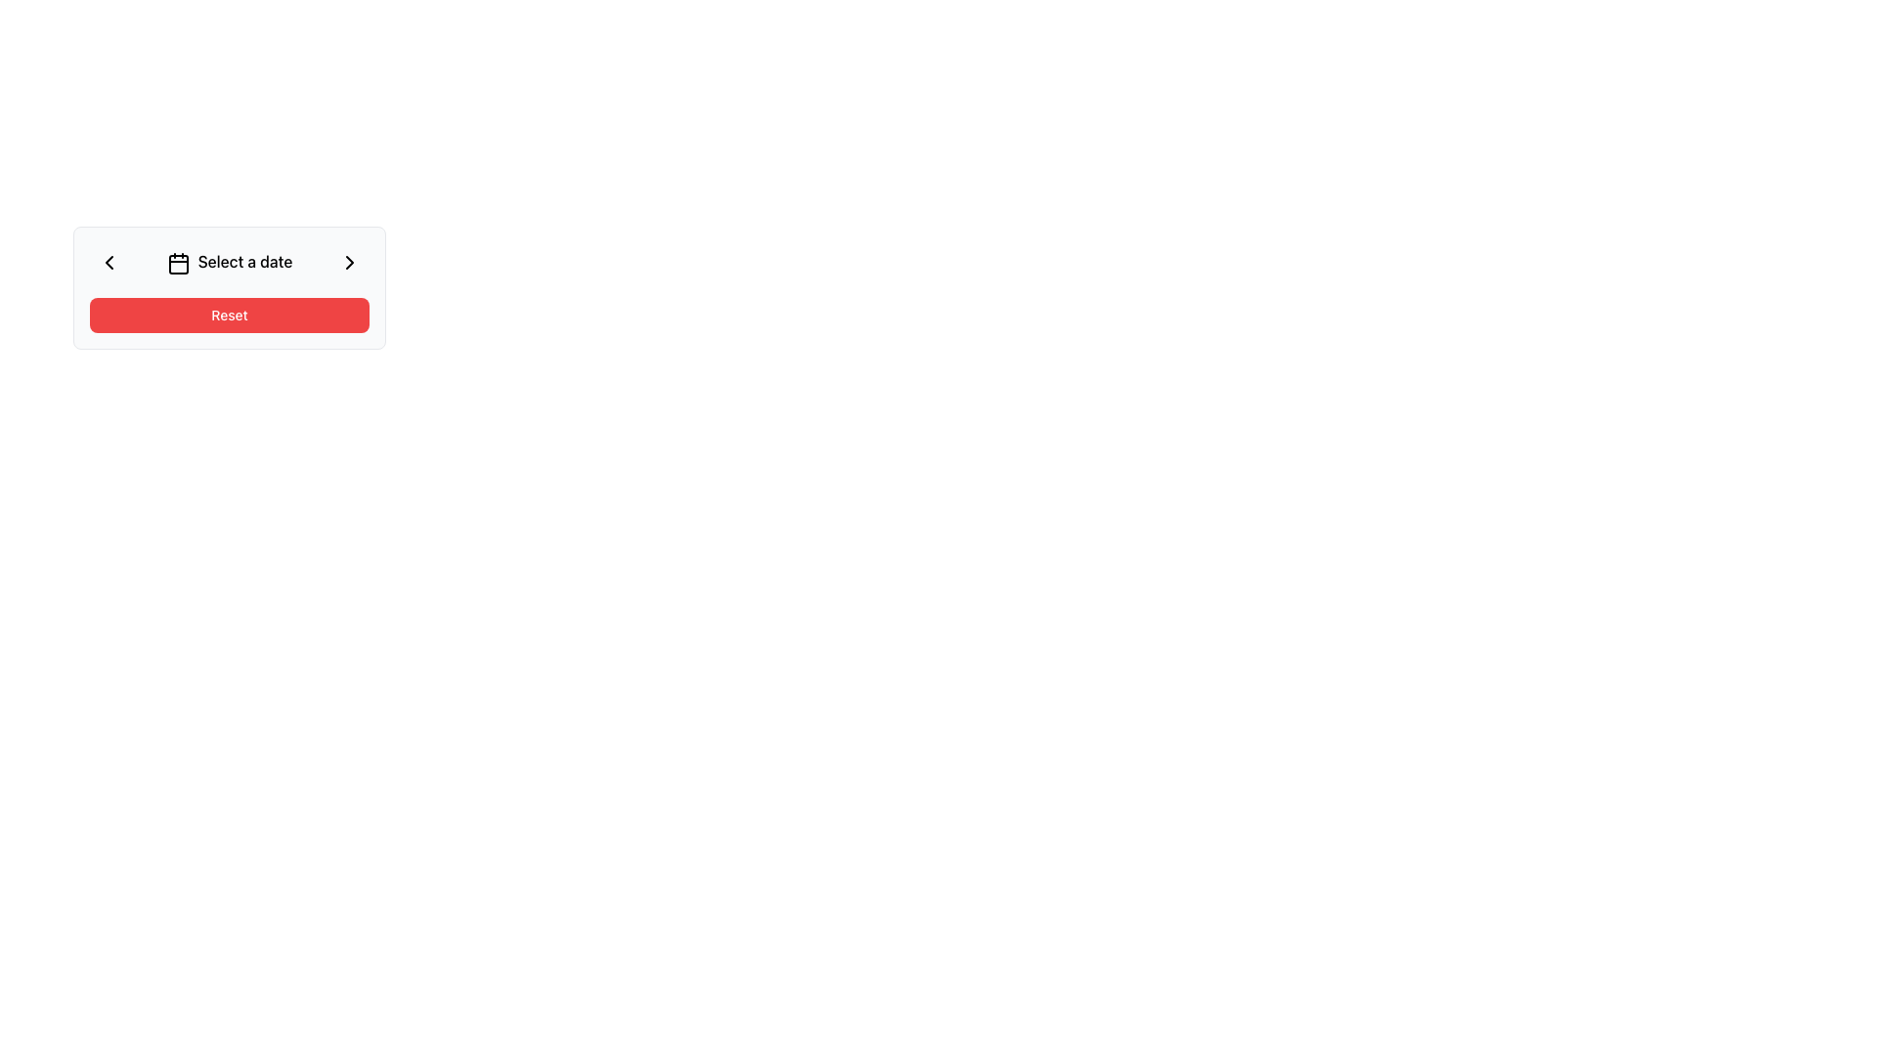 The width and height of the screenshot is (1877, 1055). Describe the element at coordinates (108, 262) in the screenshot. I see `the left-pointing arrow button located at the top-left side of the 'Select a date' section` at that location.